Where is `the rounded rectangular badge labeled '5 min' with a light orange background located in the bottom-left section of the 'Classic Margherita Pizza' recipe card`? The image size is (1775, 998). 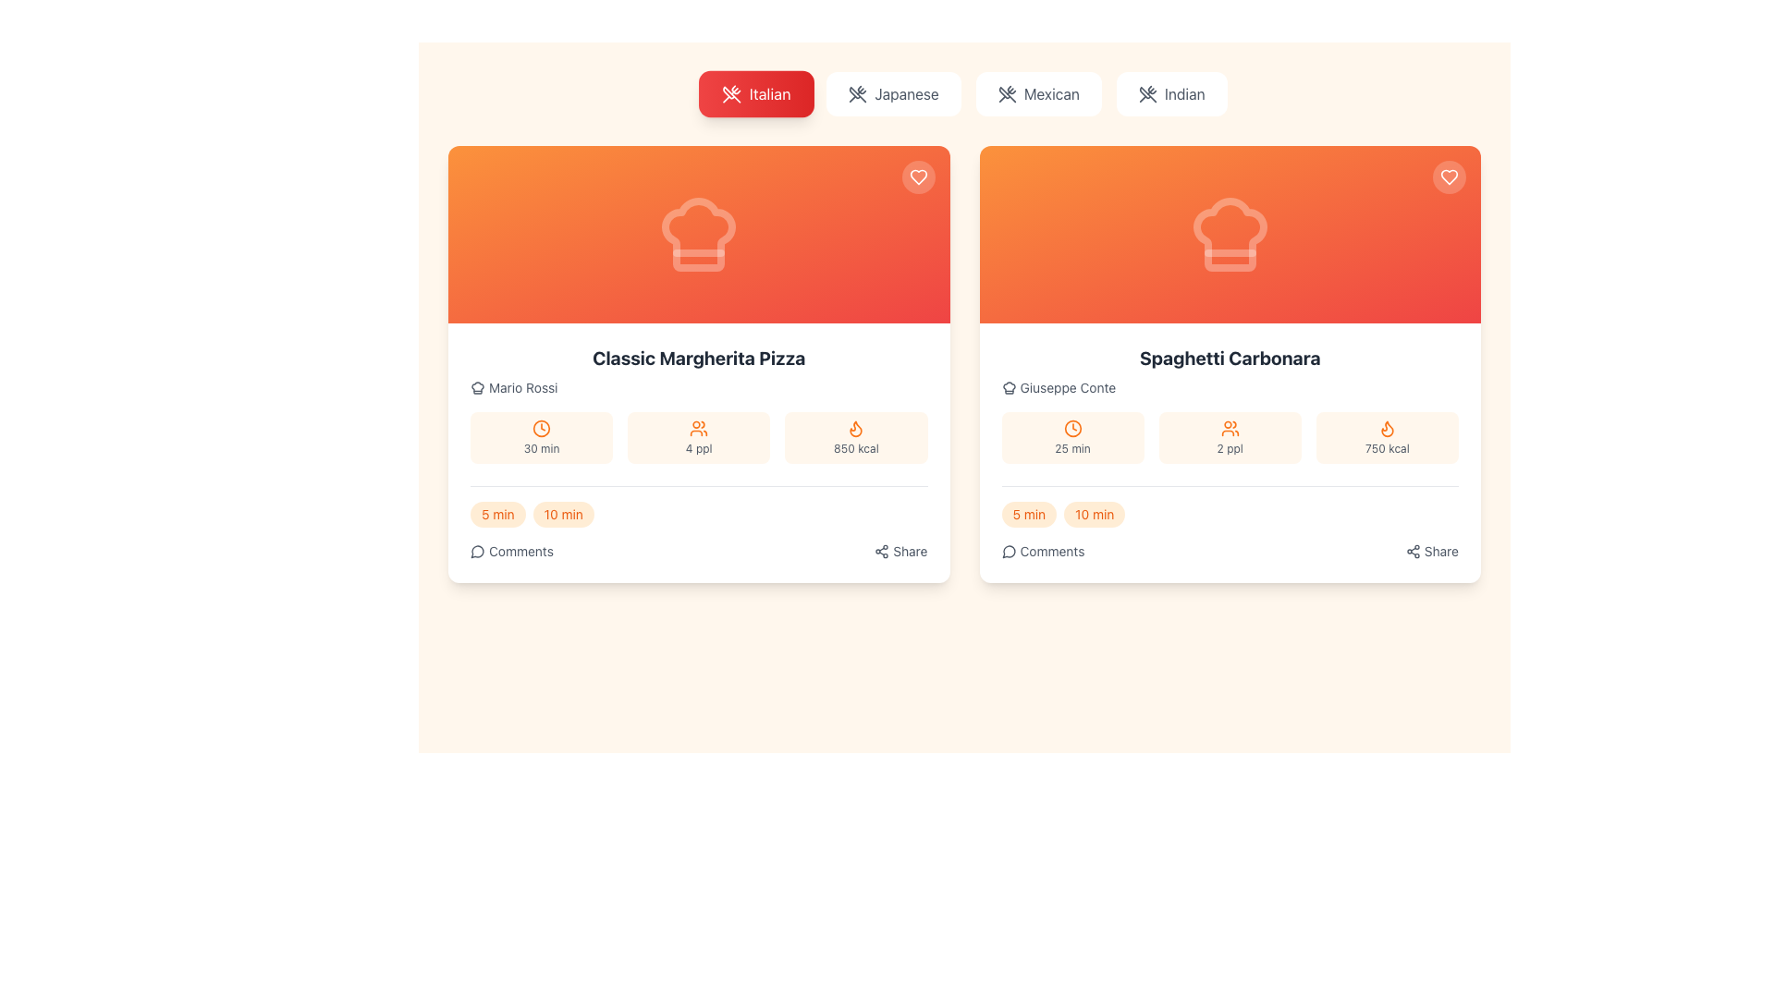 the rounded rectangular badge labeled '5 min' with a light orange background located in the bottom-left section of the 'Classic Margherita Pizza' recipe card is located at coordinates (497, 514).